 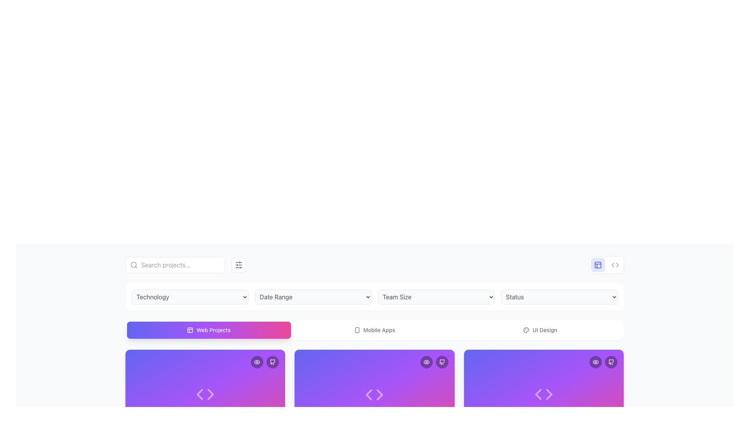 What do you see at coordinates (210, 394) in the screenshot?
I see `the right-pointing Navigation Arrow Icon located at the bottom center of the card interface, which is the second arrow from the left` at bounding box center [210, 394].